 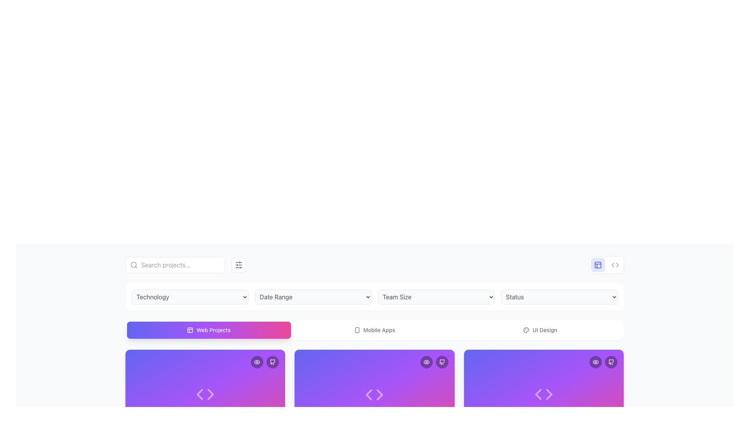 What do you see at coordinates (210, 394) in the screenshot?
I see `the right-pointing Navigation Arrow Icon located at the bottom center of the card interface, which is the second arrow from the left` at bounding box center [210, 394].